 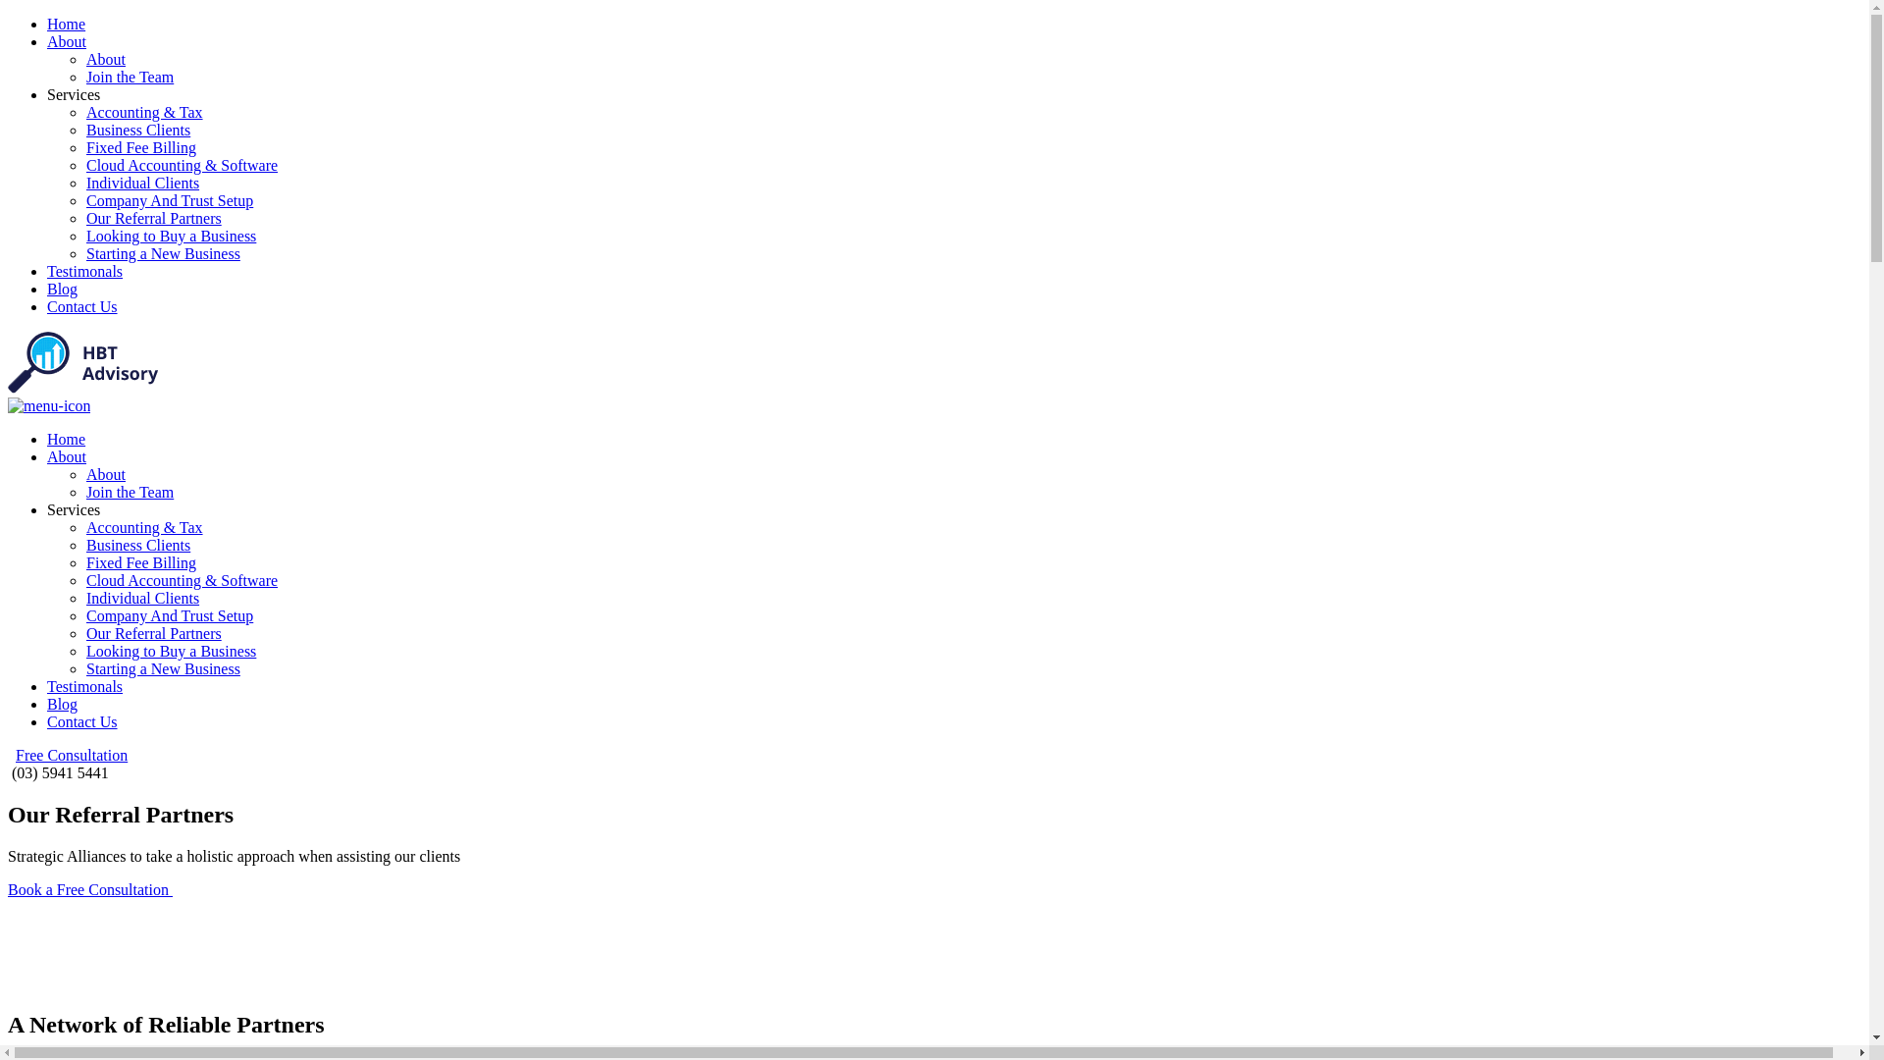 What do you see at coordinates (15, 754) in the screenshot?
I see `'Free Consultation'` at bounding box center [15, 754].